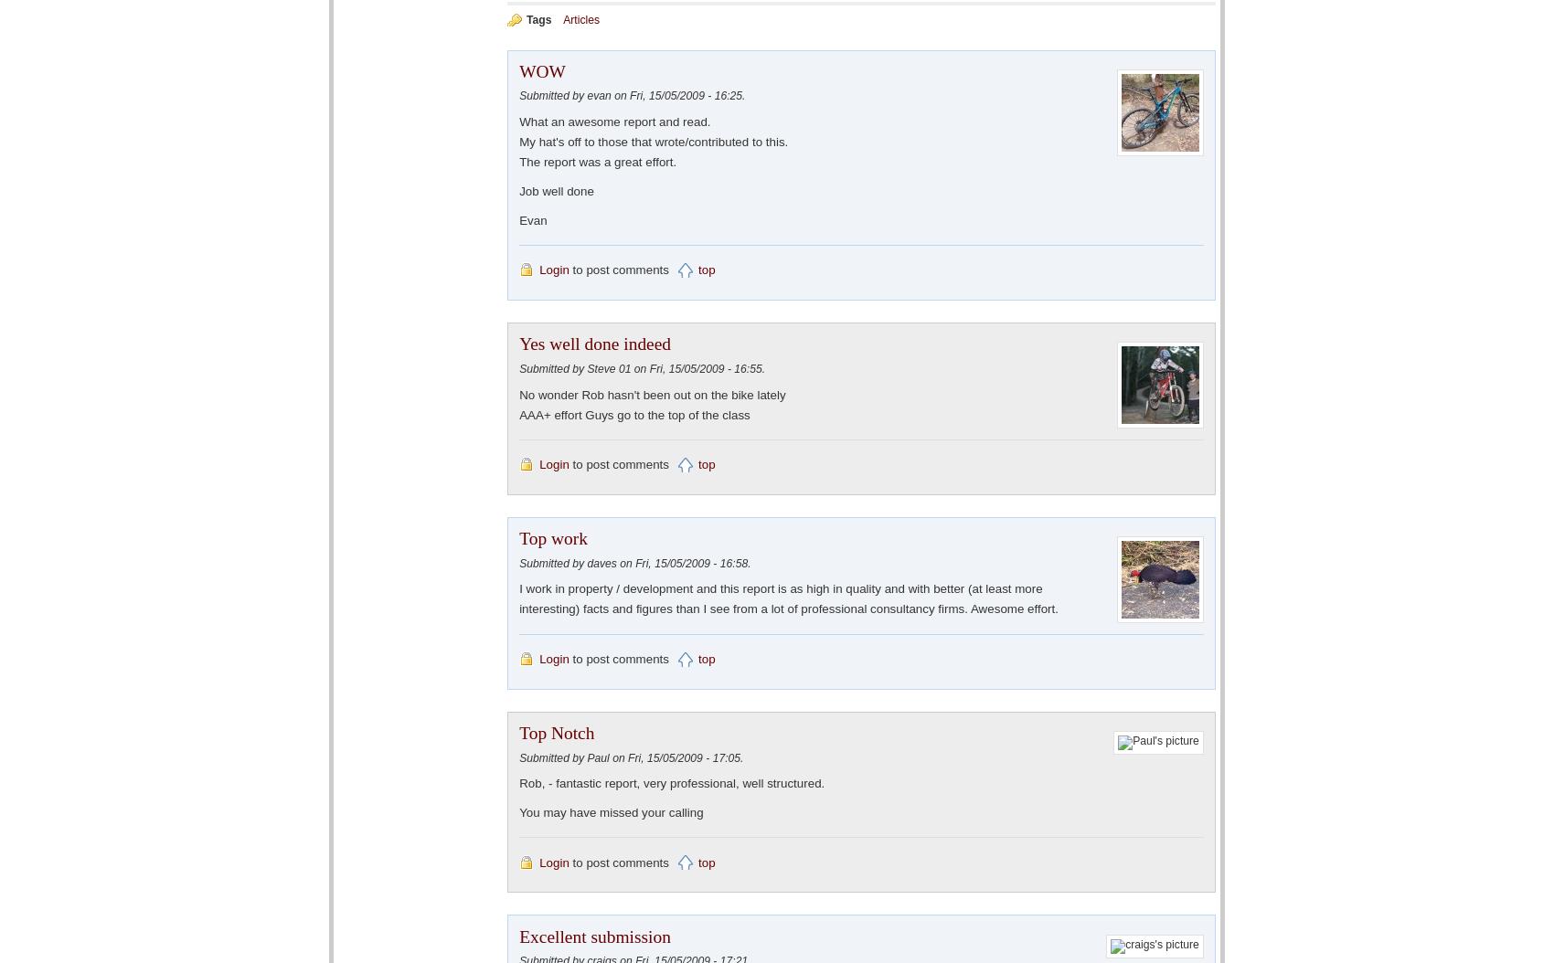 The image size is (1554, 963). What do you see at coordinates (594, 935) in the screenshot?
I see `'Excellent submission'` at bounding box center [594, 935].